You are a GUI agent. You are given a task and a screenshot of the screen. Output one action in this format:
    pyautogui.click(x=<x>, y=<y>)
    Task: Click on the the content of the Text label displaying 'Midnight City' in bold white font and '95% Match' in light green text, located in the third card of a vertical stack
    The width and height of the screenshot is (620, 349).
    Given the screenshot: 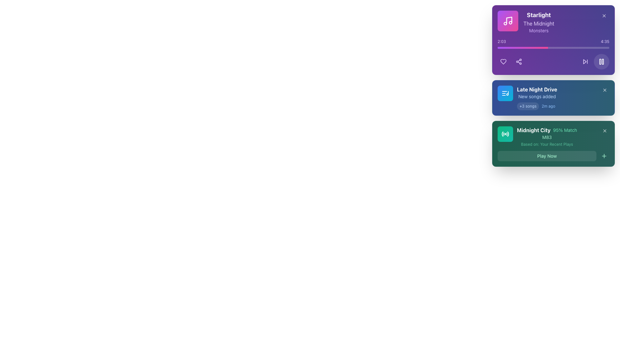 What is the action you would take?
    pyautogui.click(x=547, y=130)
    